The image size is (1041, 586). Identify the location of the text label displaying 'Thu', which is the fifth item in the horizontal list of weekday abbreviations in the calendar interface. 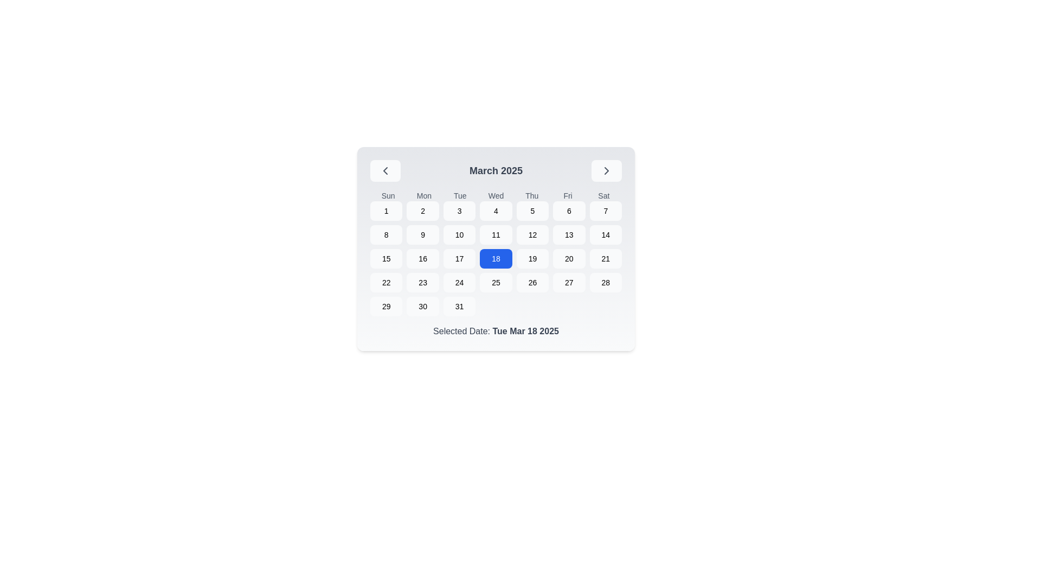
(532, 196).